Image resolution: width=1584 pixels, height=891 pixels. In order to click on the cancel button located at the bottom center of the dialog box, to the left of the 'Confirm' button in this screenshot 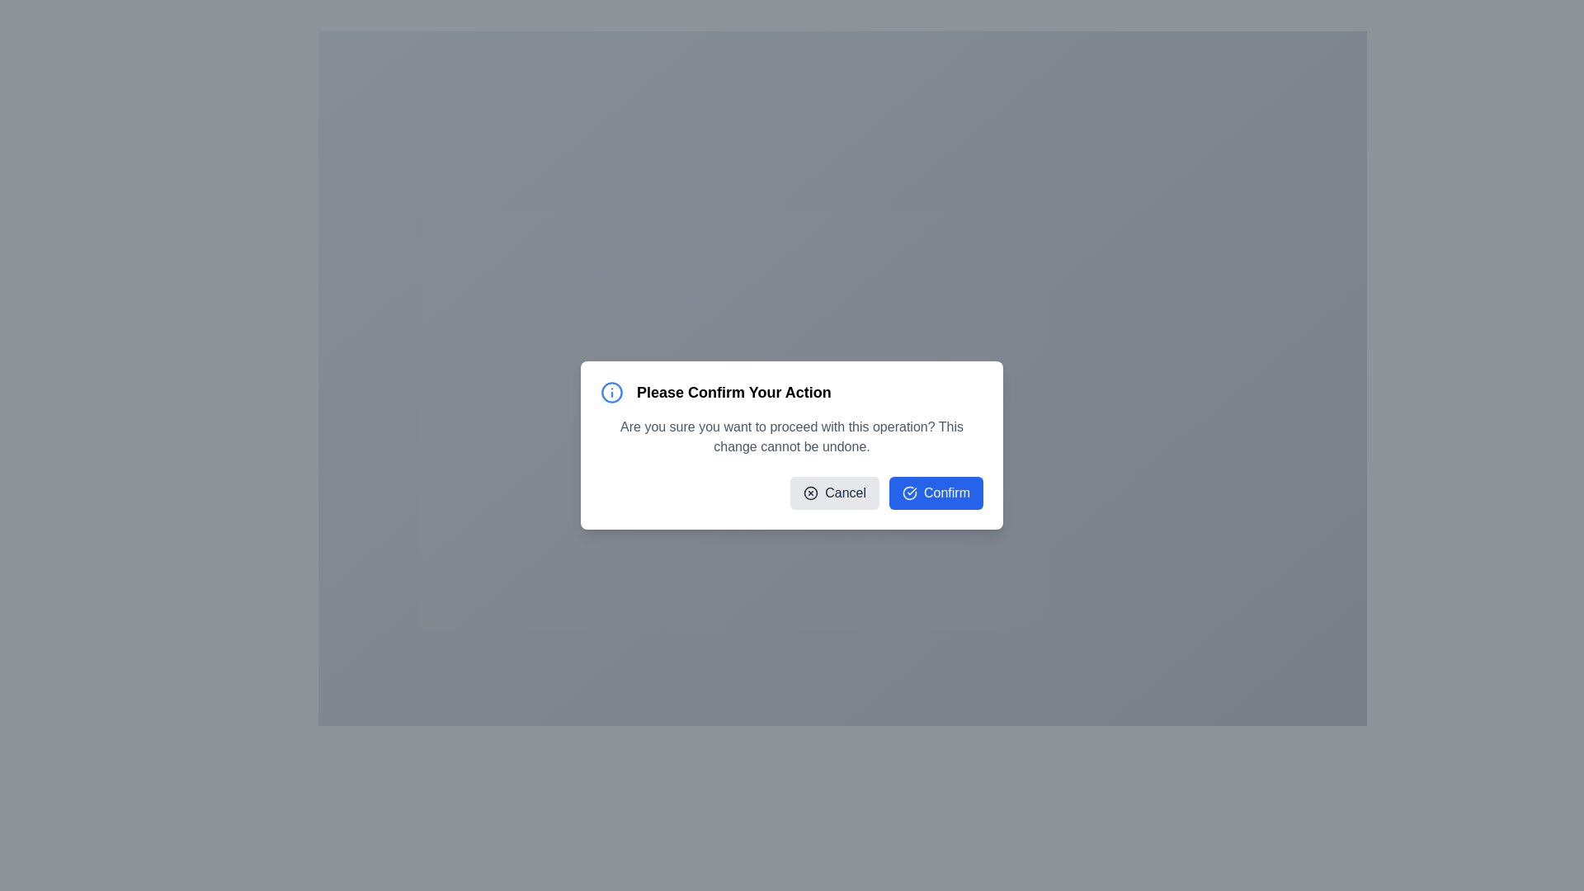, I will do `click(835, 492)`.